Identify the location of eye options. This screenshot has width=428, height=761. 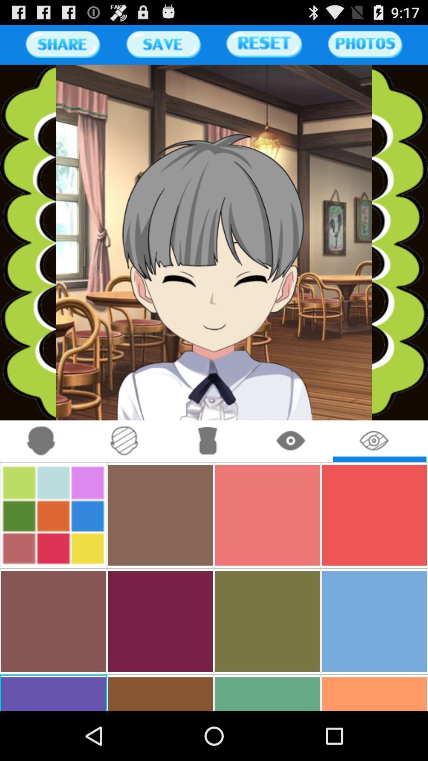
(291, 441).